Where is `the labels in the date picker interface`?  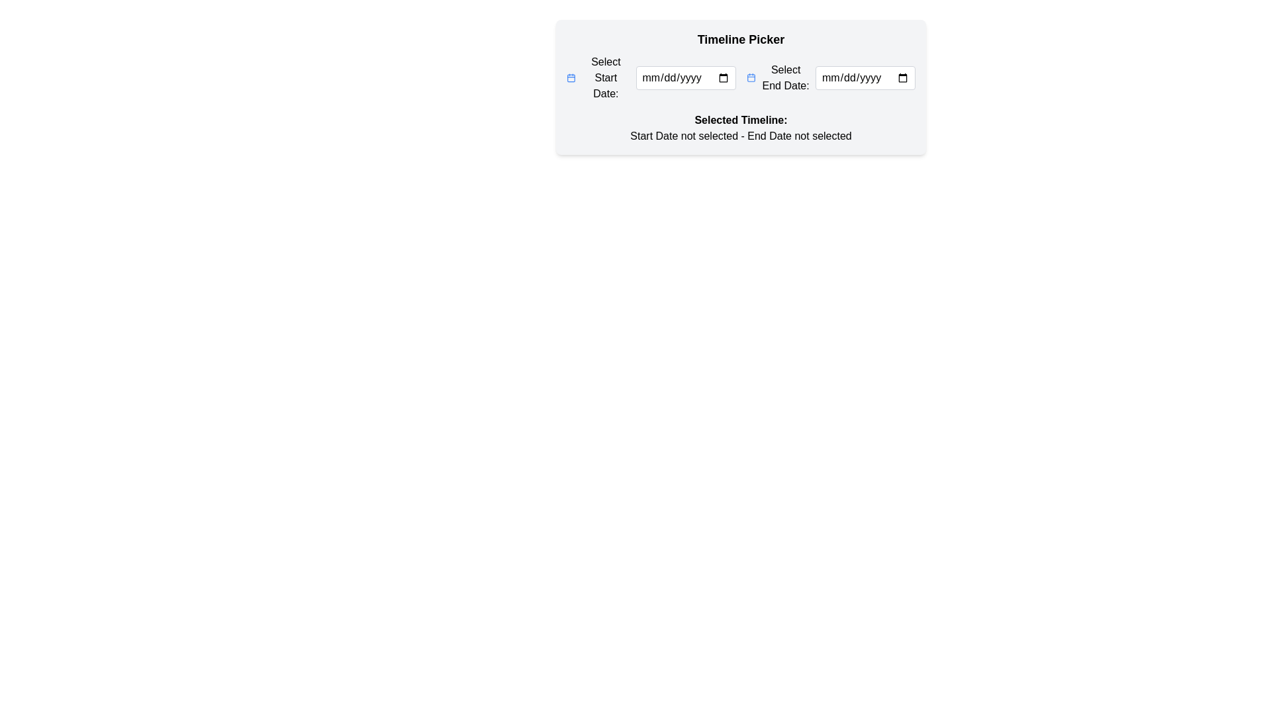 the labels in the date picker interface is located at coordinates (740, 78).